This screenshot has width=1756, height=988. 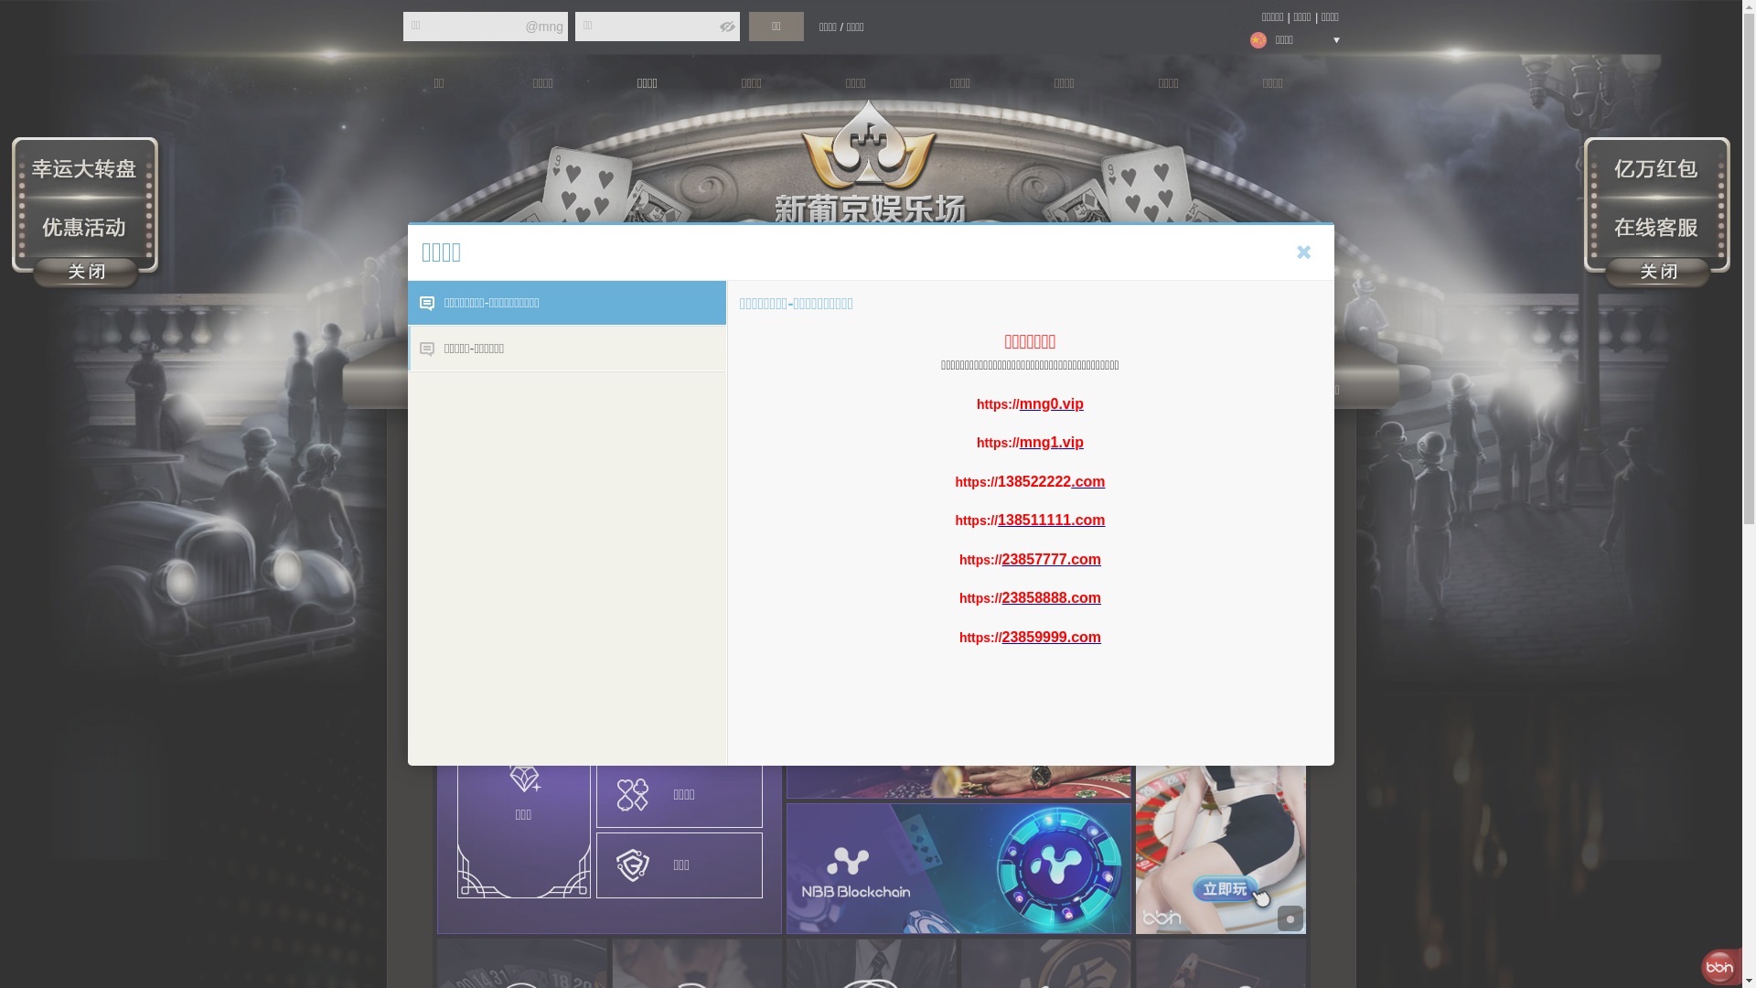 I want to click on '23858888.com', so click(x=1001, y=597).